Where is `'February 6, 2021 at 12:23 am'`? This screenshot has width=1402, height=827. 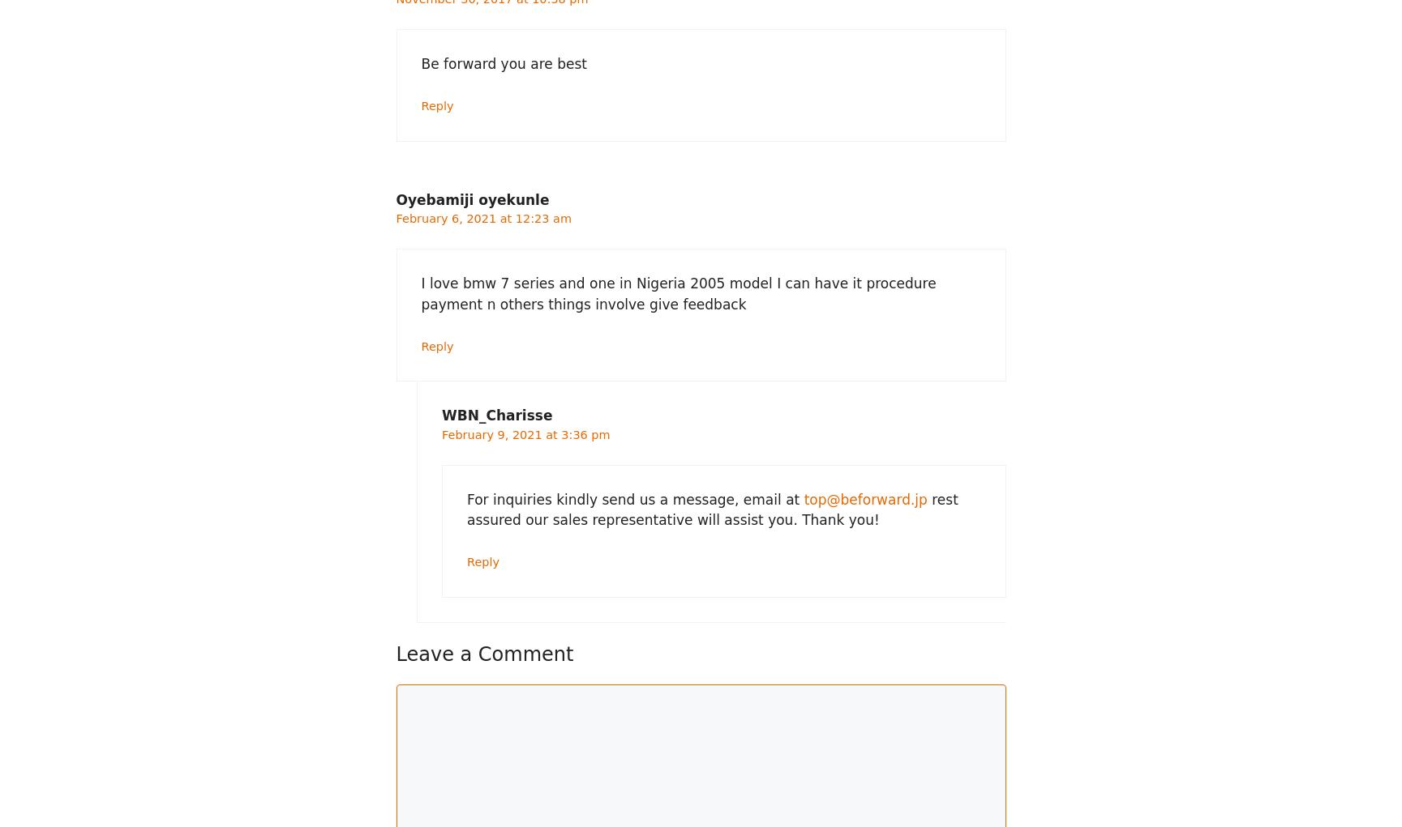 'February 6, 2021 at 12:23 am' is located at coordinates (482, 217).